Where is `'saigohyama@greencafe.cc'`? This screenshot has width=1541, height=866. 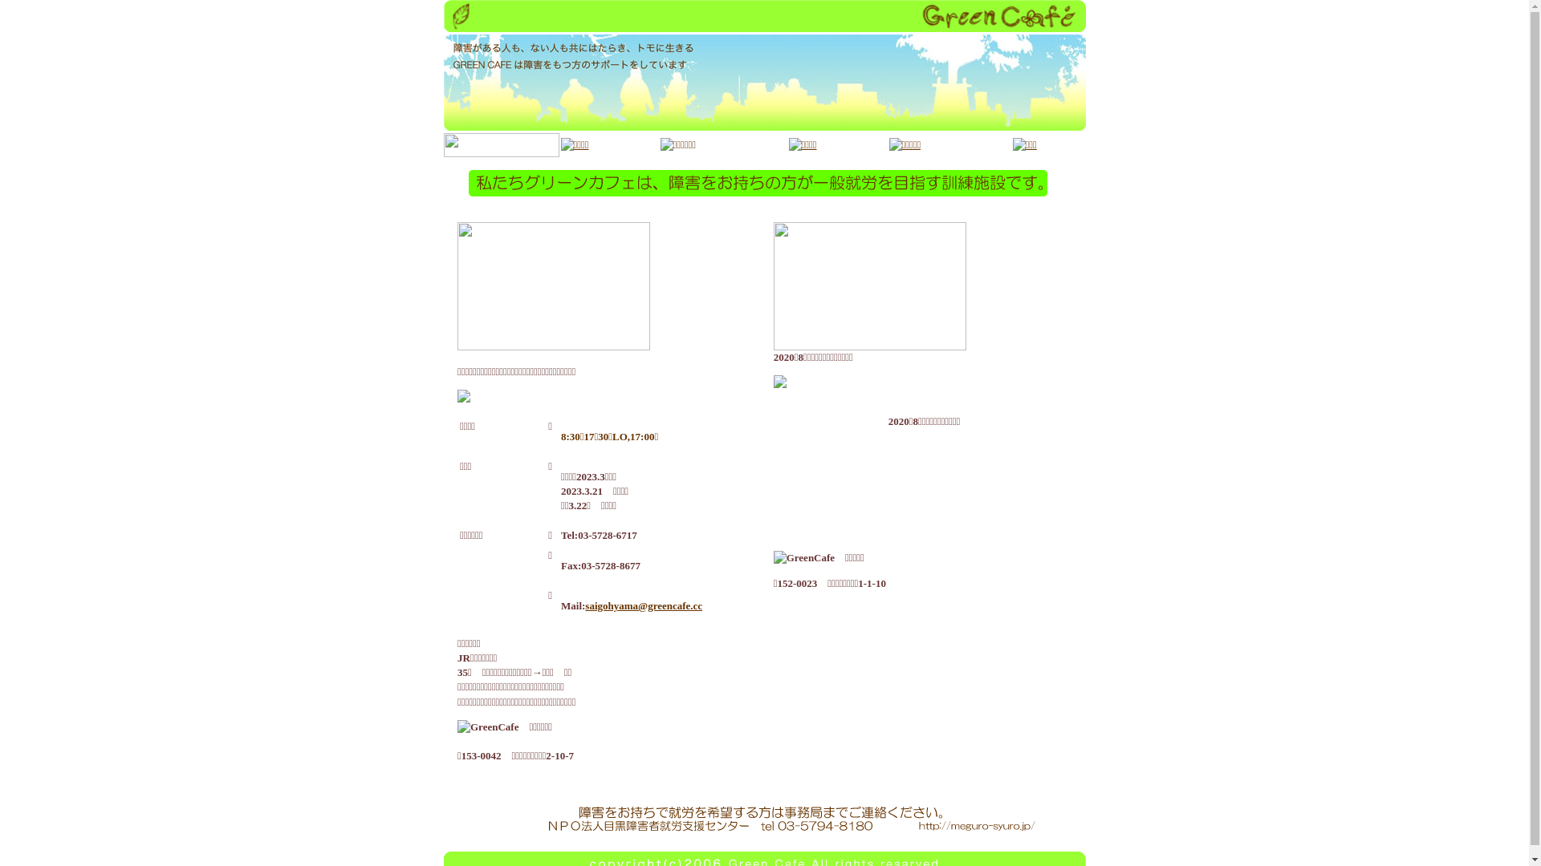
'saigohyama@greencafe.cc' is located at coordinates (584, 605).